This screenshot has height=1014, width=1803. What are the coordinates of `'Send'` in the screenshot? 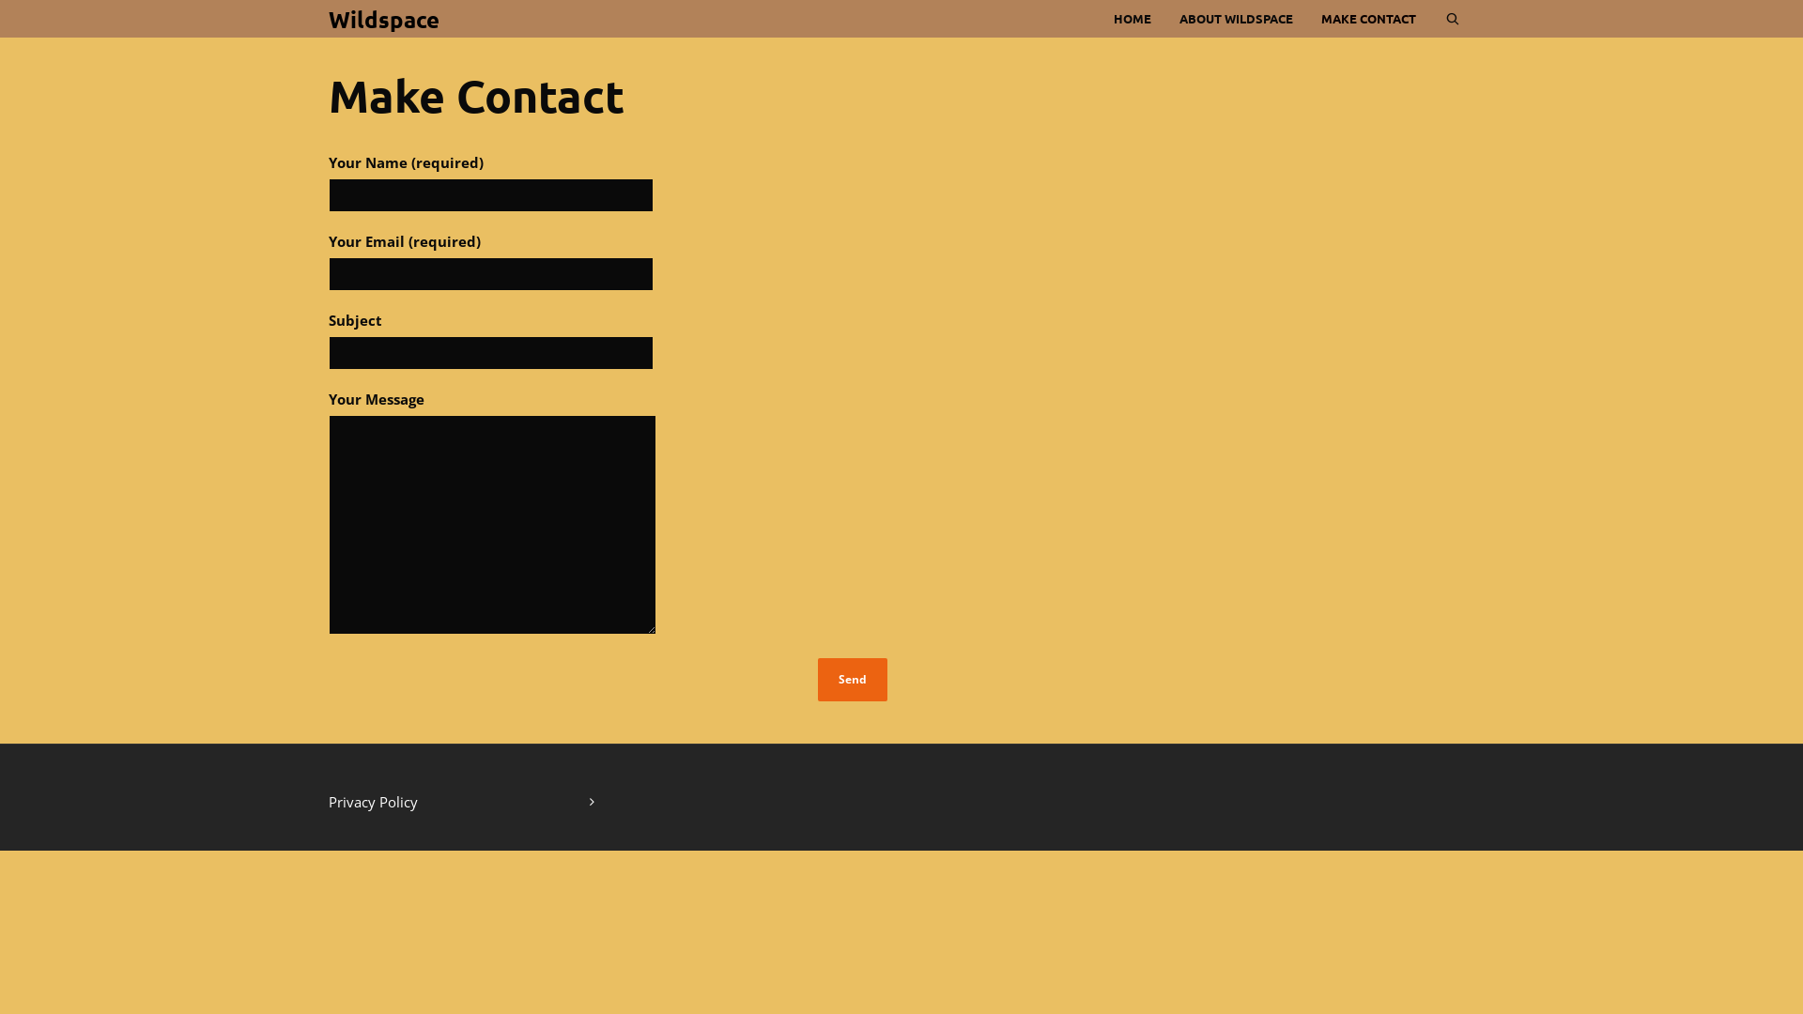 It's located at (851, 680).